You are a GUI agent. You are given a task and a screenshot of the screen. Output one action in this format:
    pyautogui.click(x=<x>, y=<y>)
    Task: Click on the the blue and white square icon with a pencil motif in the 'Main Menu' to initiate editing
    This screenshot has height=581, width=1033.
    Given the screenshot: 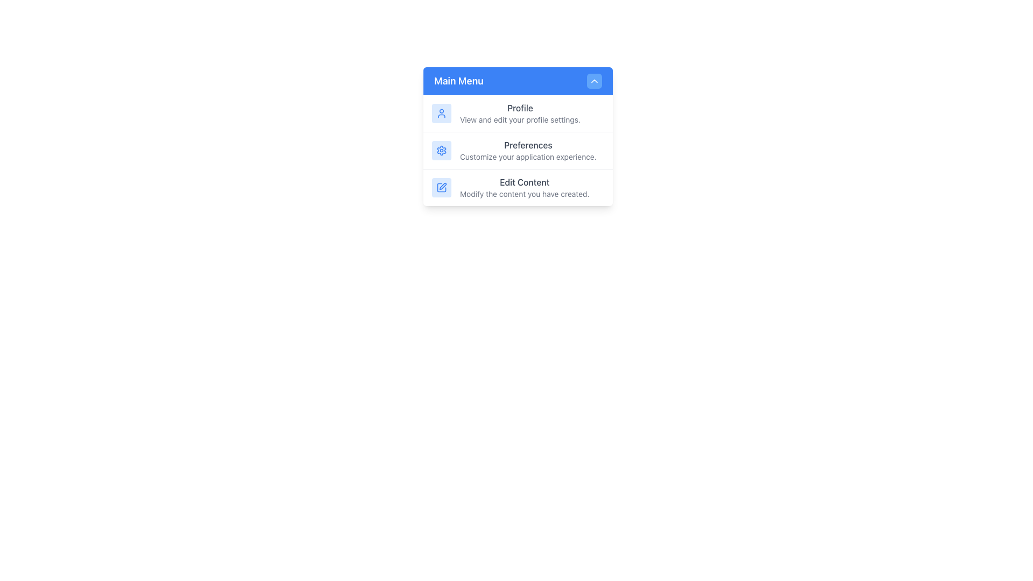 What is the action you would take?
    pyautogui.click(x=441, y=187)
    